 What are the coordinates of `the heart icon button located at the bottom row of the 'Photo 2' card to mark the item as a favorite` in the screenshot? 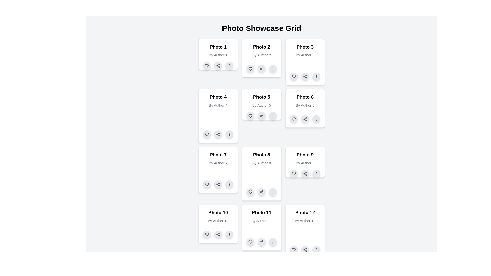 It's located at (250, 69).